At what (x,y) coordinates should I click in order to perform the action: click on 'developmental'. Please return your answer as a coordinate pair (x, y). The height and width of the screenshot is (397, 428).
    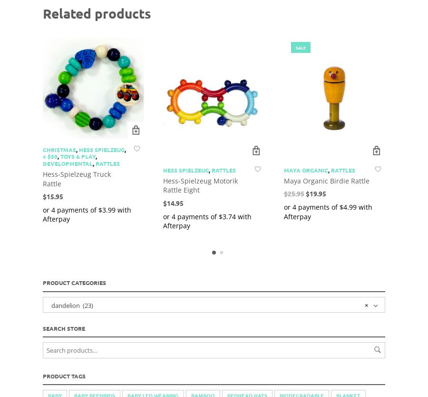
    Looking at the image, I should click on (68, 163).